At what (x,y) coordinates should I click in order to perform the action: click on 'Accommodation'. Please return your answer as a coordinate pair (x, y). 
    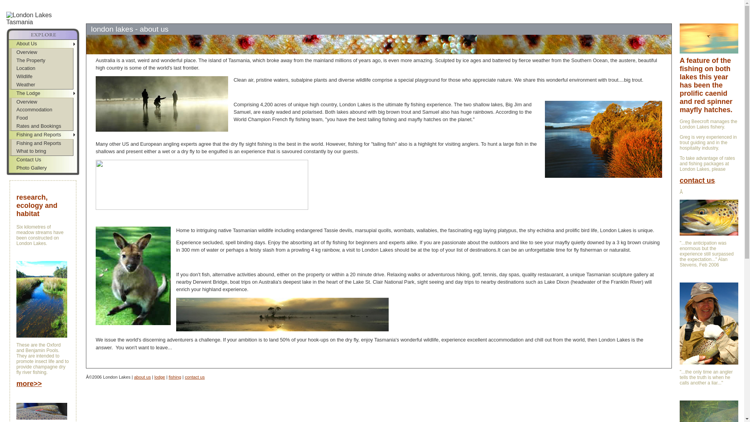
    Looking at the image, I should click on (42, 110).